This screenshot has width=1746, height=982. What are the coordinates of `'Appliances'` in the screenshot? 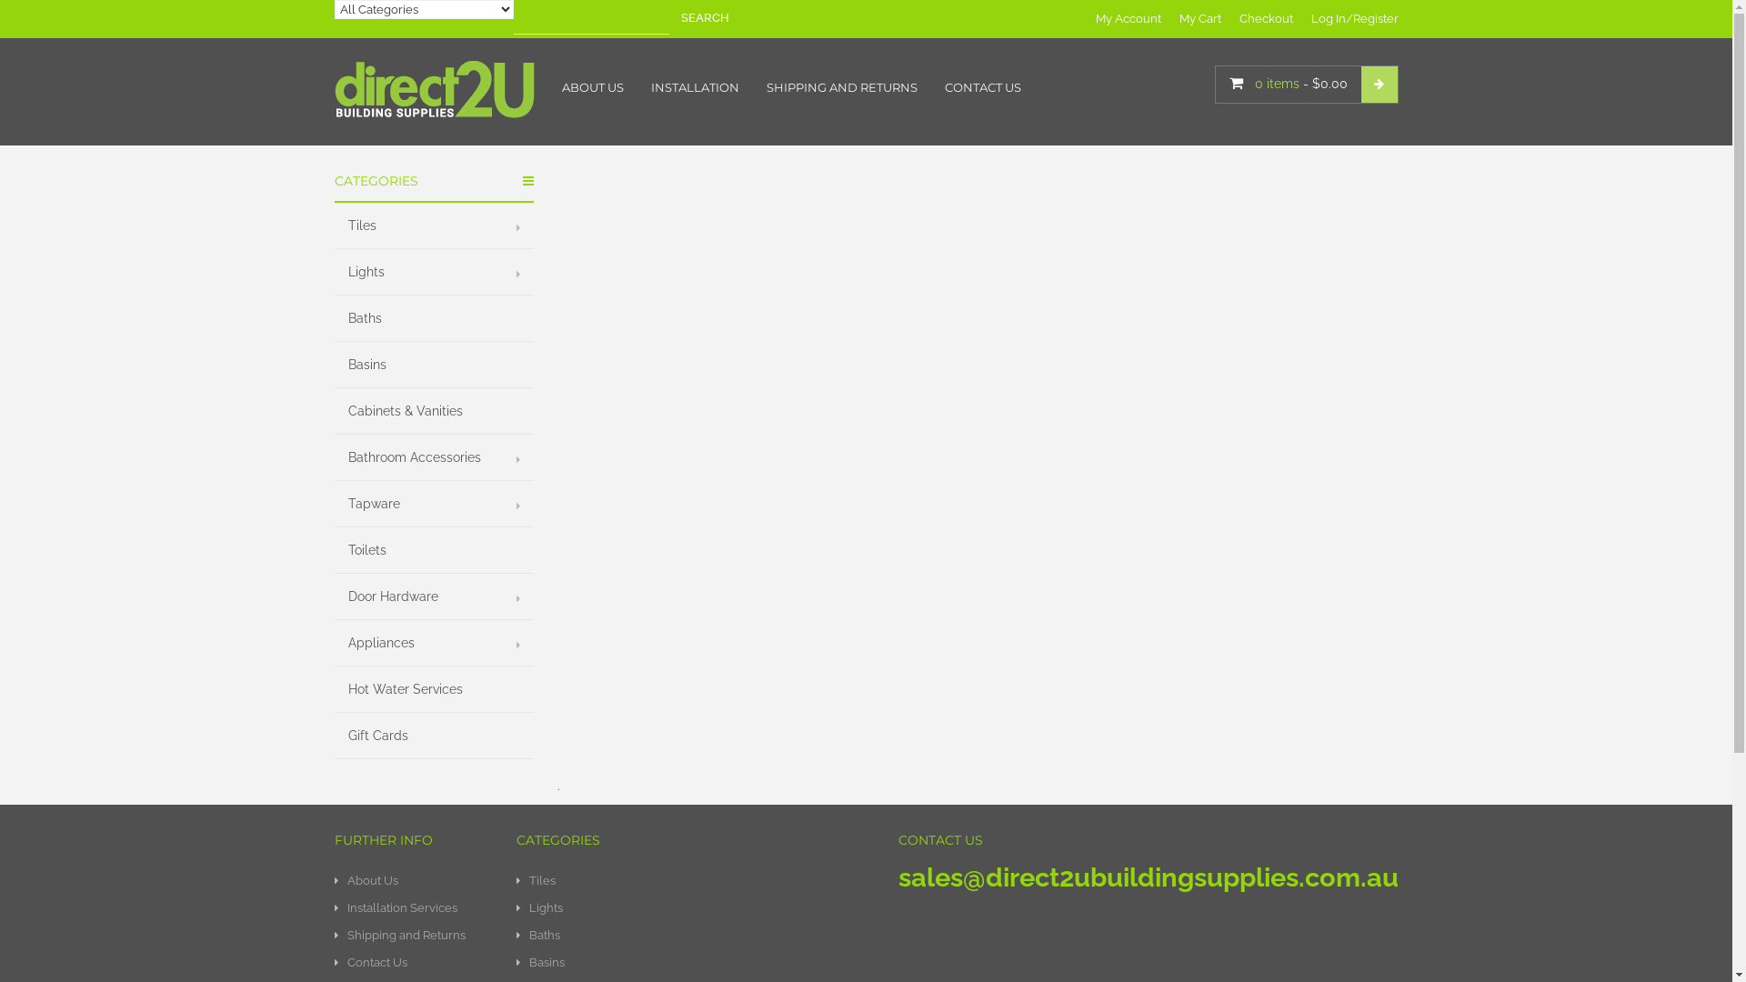 It's located at (434, 642).